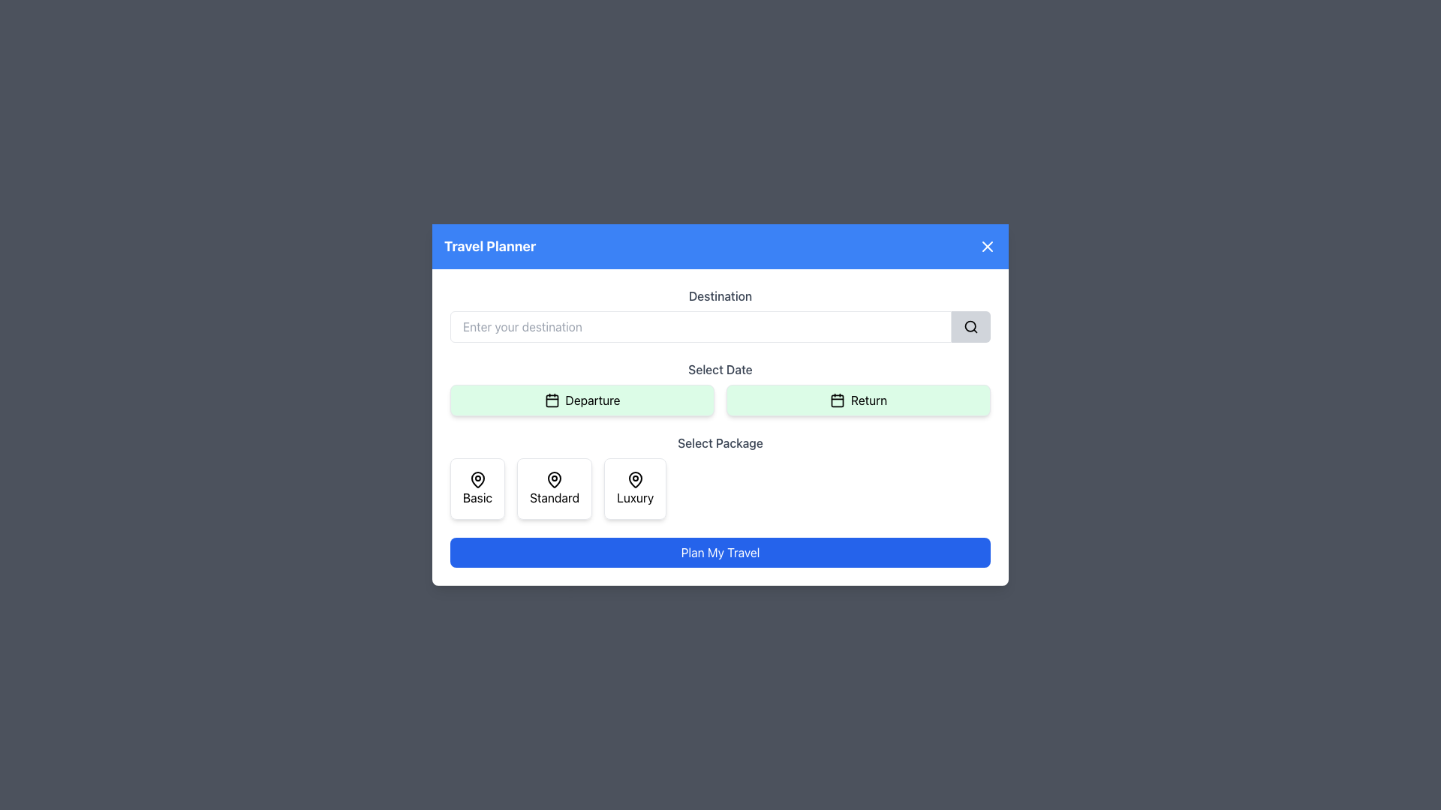 The width and height of the screenshot is (1441, 810). Describe the element at coordinates (554, 497) in the screenshot. I see `the 'Standard' text label in the 'Select Package' section, which is centrally aligned and displays the word 'Standard'` at that location.